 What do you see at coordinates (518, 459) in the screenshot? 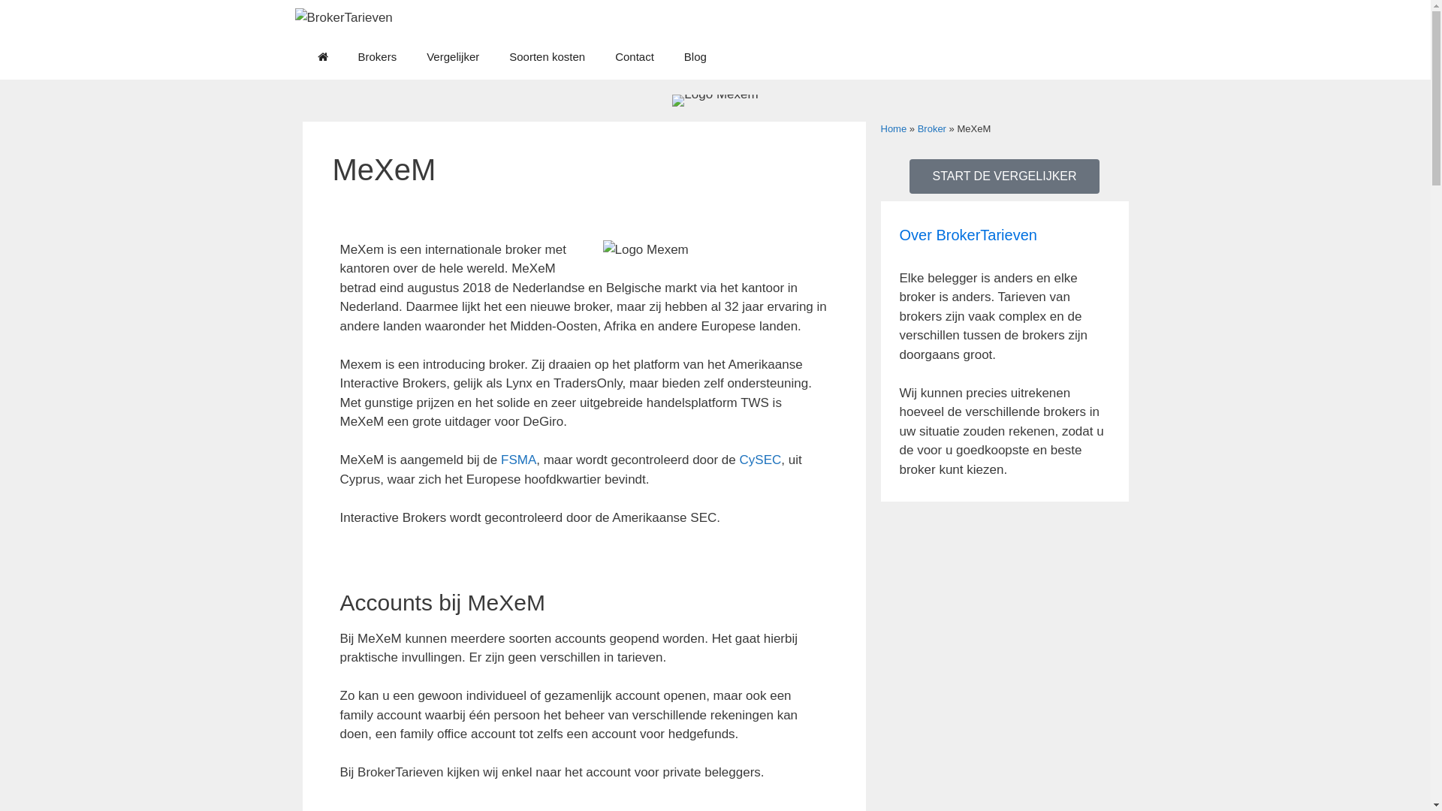
I see `'FSMA'` at bounding box center [518, 459].